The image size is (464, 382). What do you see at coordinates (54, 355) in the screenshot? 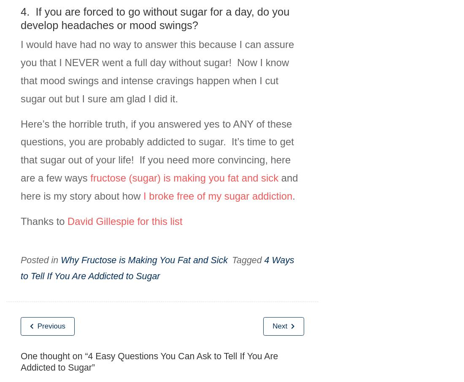
I see `'One thought on “'` at bounding box center [54, 355].